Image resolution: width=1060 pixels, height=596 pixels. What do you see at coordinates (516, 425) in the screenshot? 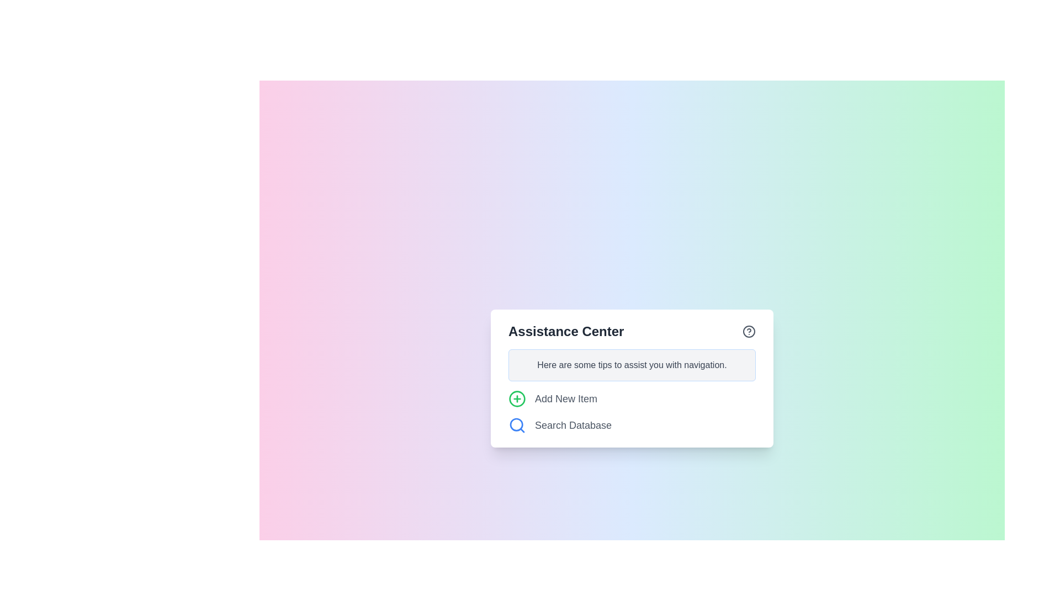
I see `the blue magnifying glass icon representing the search function located to the left of the 'Search Database' text in the 'Assistance Center' panel` at bounding box center [516, 425].